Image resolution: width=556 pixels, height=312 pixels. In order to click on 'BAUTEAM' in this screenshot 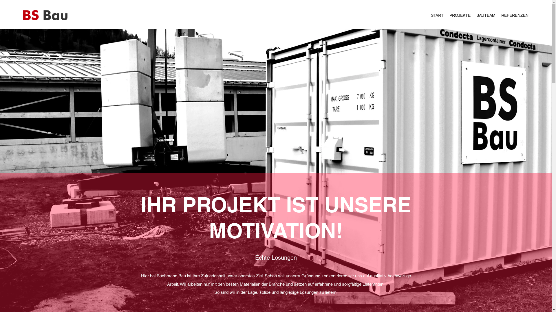, I will do `click(486, 15)`.